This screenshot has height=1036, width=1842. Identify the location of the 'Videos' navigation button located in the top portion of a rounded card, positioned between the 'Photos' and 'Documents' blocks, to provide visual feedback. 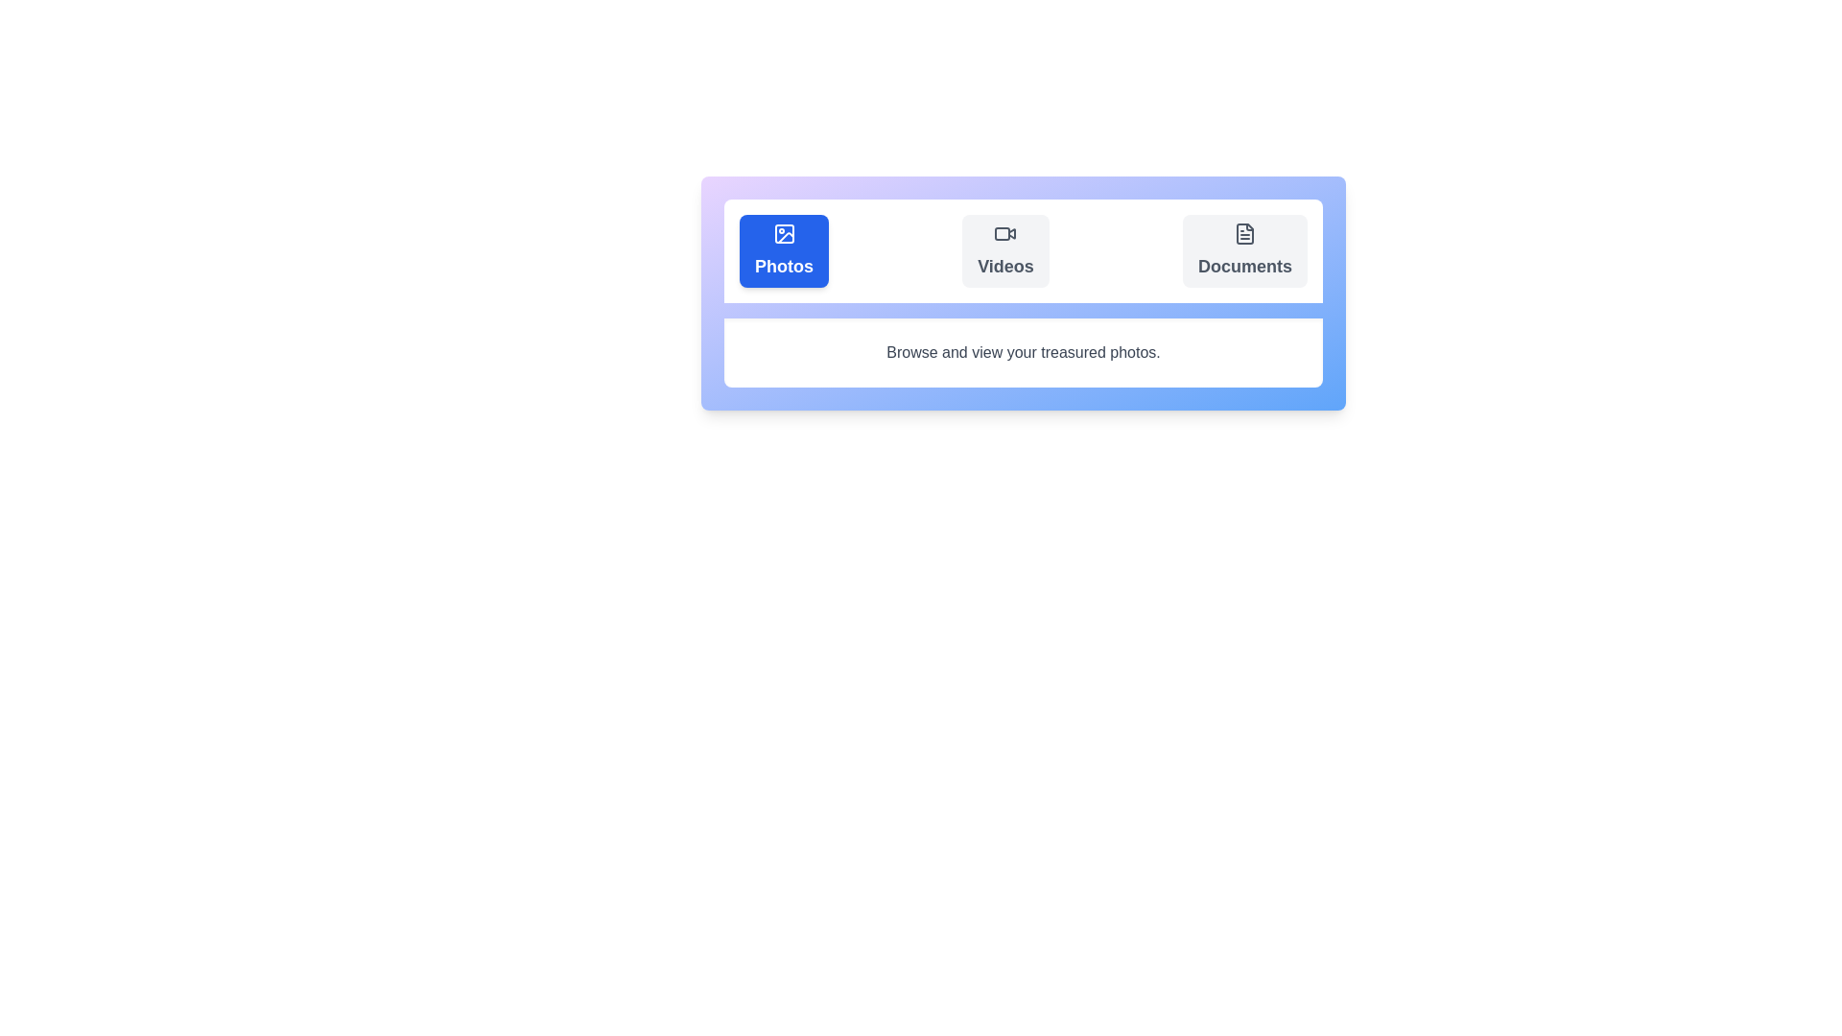
(1022, 250).